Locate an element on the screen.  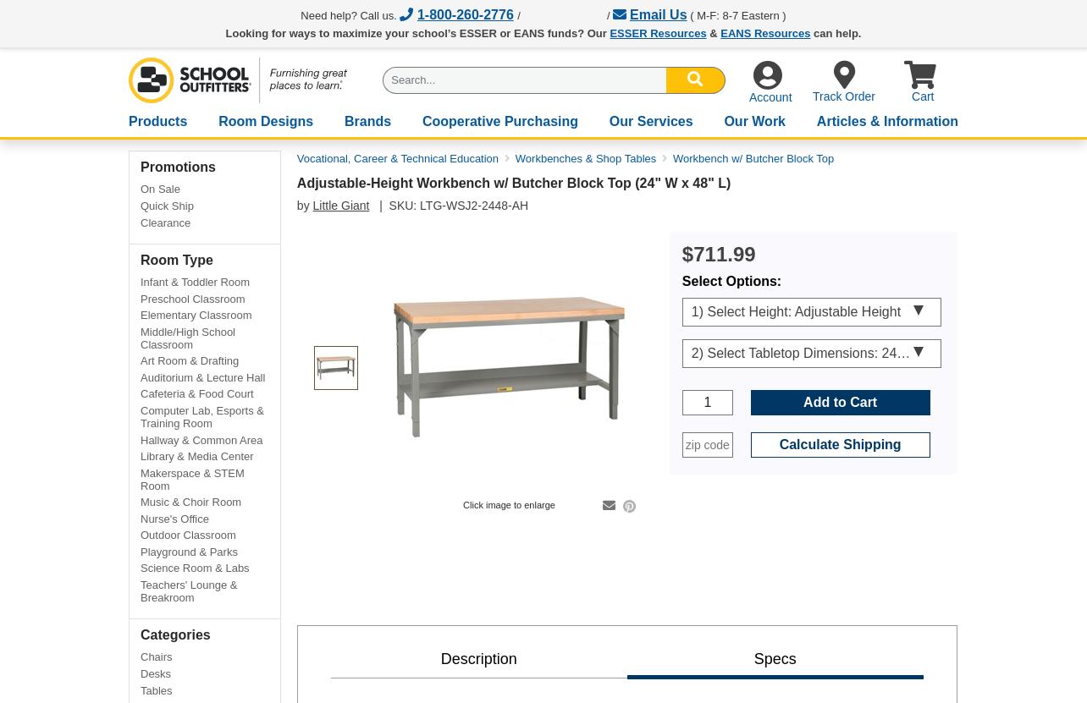
'Art Room & Drafting' is located at coordinates (189, 360).